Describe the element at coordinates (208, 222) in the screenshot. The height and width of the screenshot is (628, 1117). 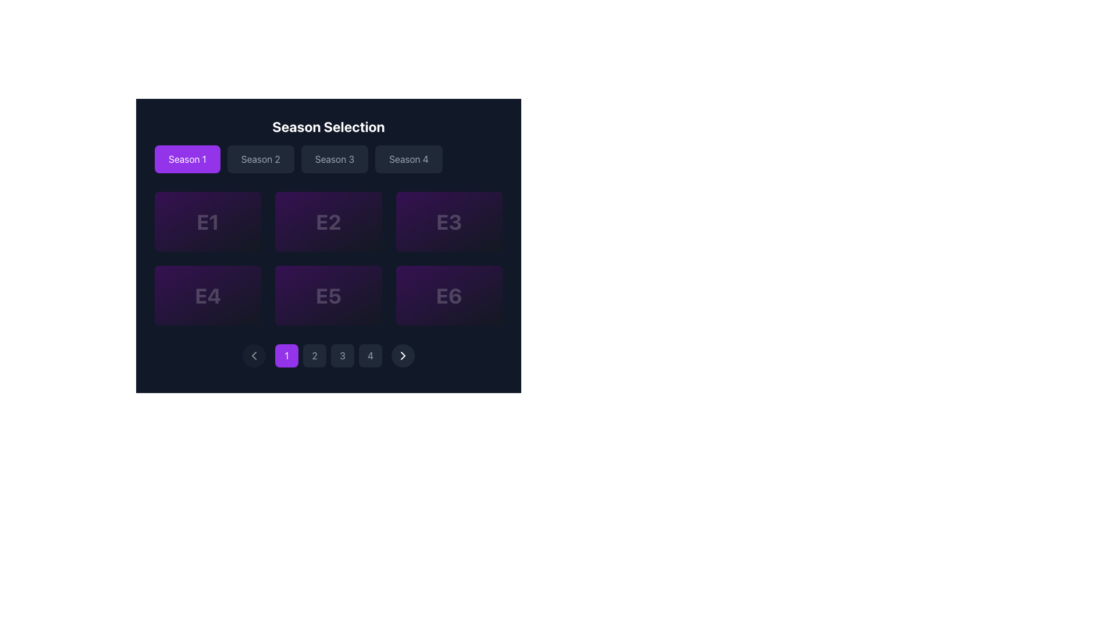
I see `the text component displaying 'E1' within a dark purple rectangular area` at that location.